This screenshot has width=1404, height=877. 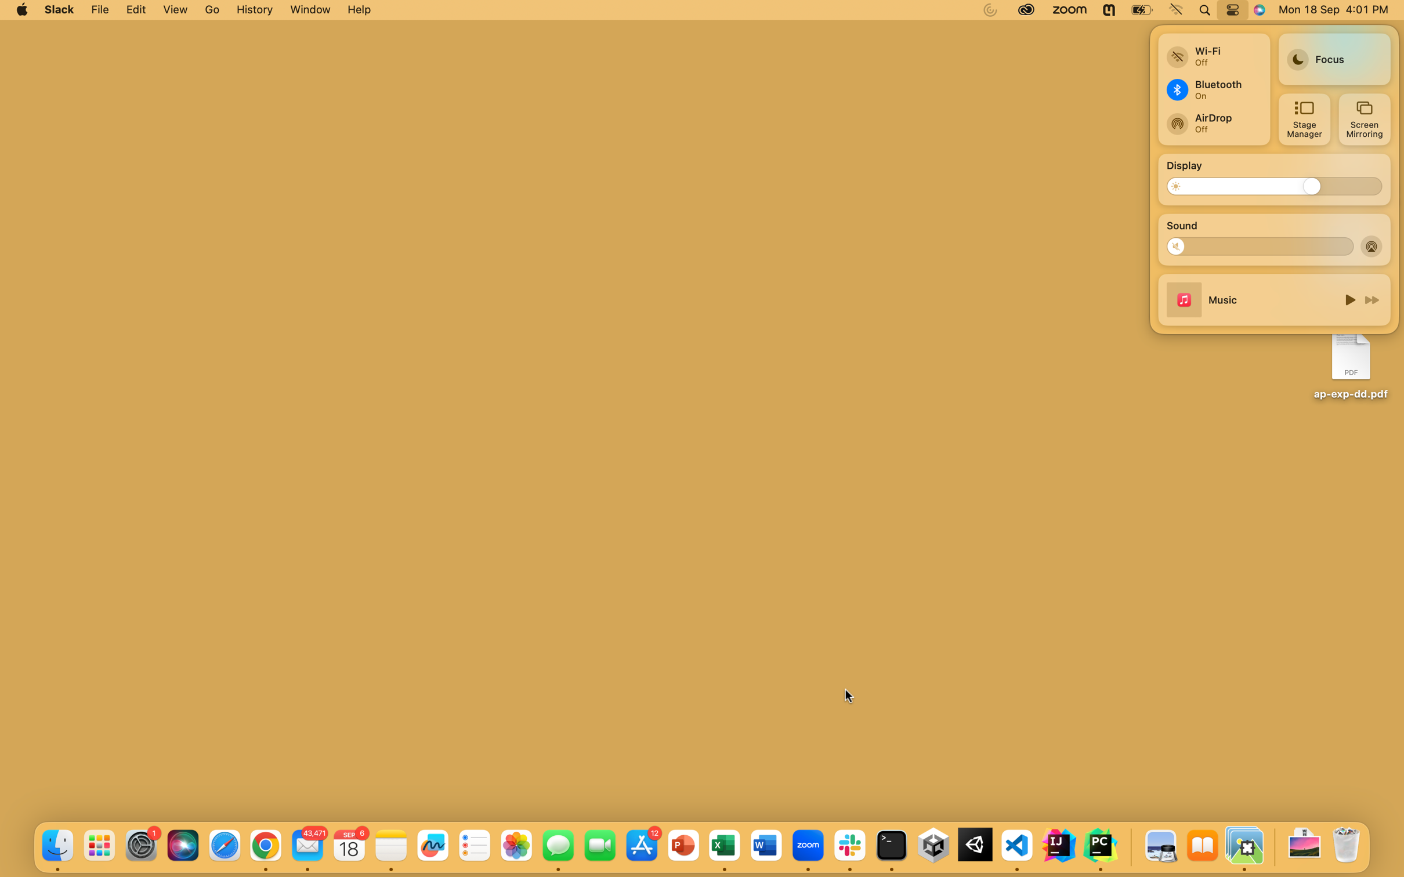 What do you see at coordinates (1348, 299) in the screenshot?
I see `Begin playing the song displayed and advance to the subsequent track` at bounding box center [1348, 299].